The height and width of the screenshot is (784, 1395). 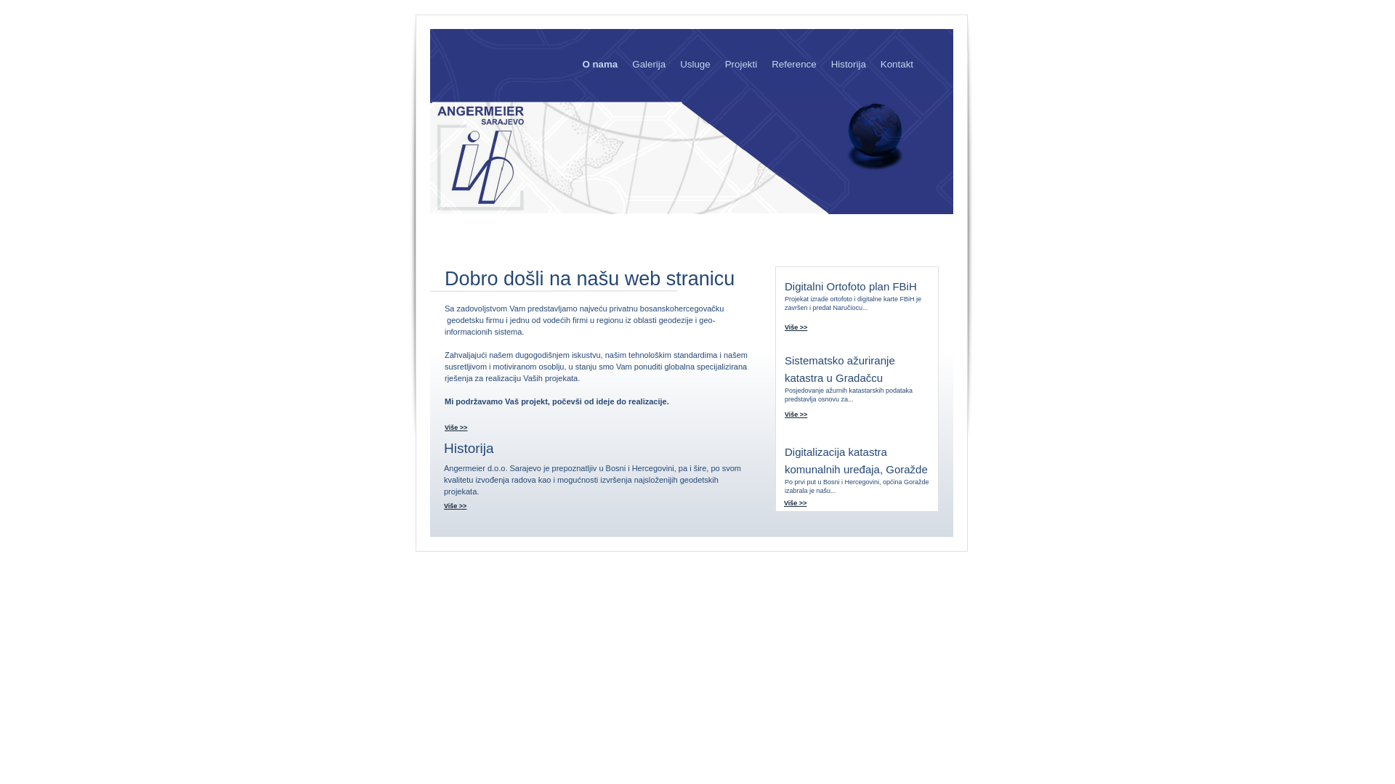 I want to click on 'Usluge', so click(x=694, y=63).